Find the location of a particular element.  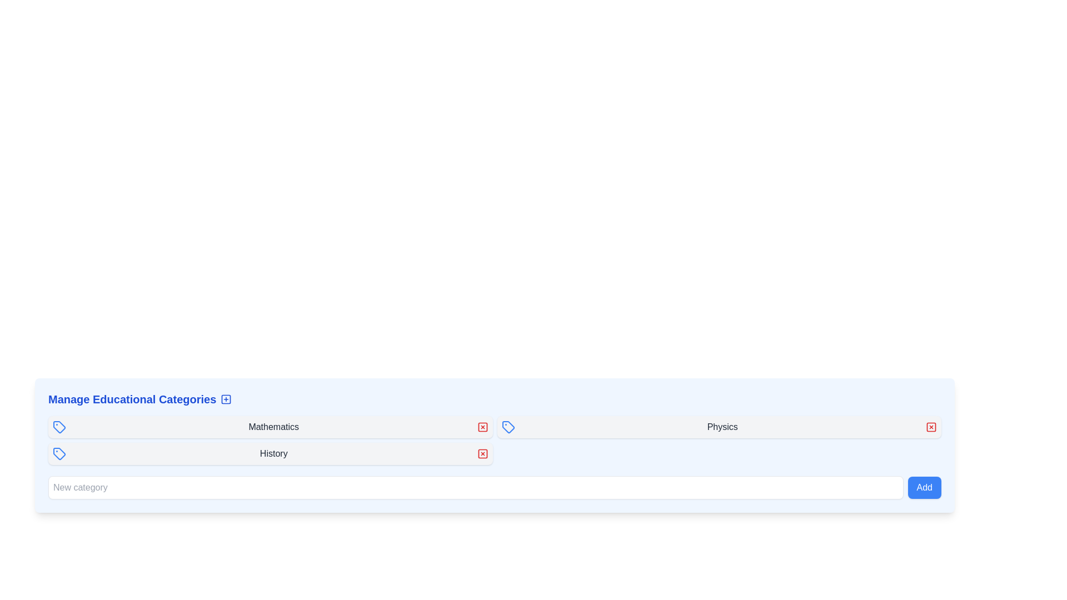

the icon representing the 'Mathematics' category in the 'Manage Educational Categories' section, located at the top-left of the panel is located at coordinates (58, 454).